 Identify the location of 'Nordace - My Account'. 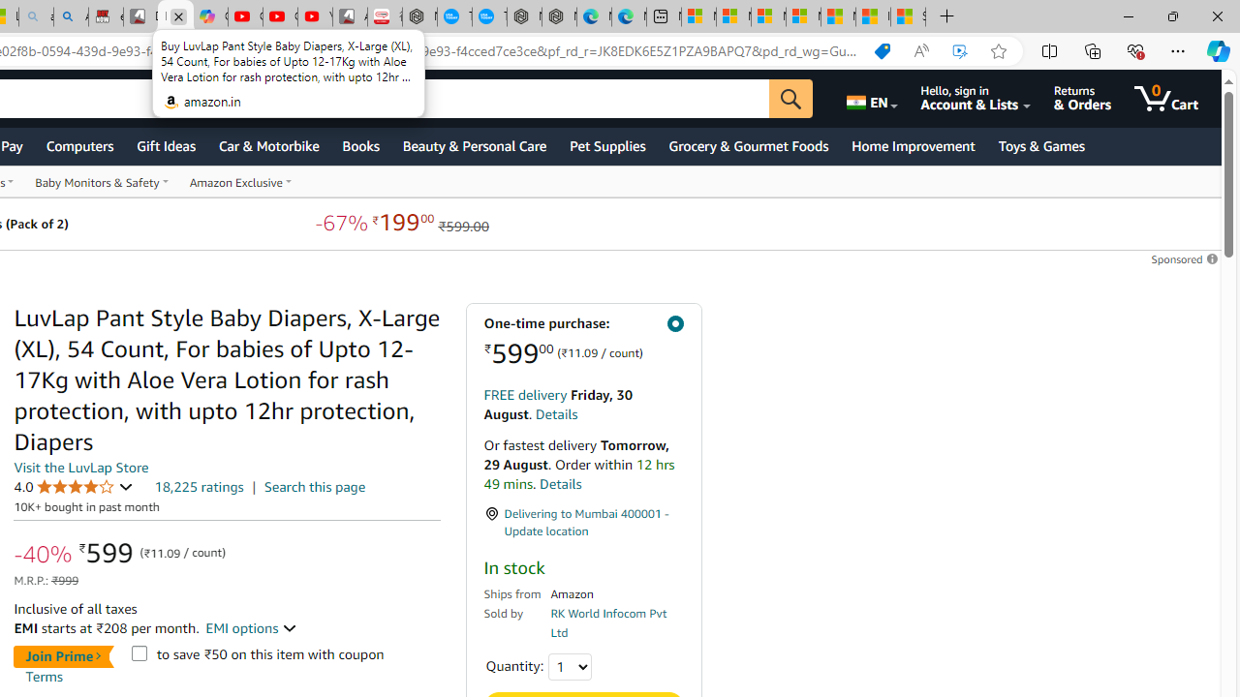
(418, 16).